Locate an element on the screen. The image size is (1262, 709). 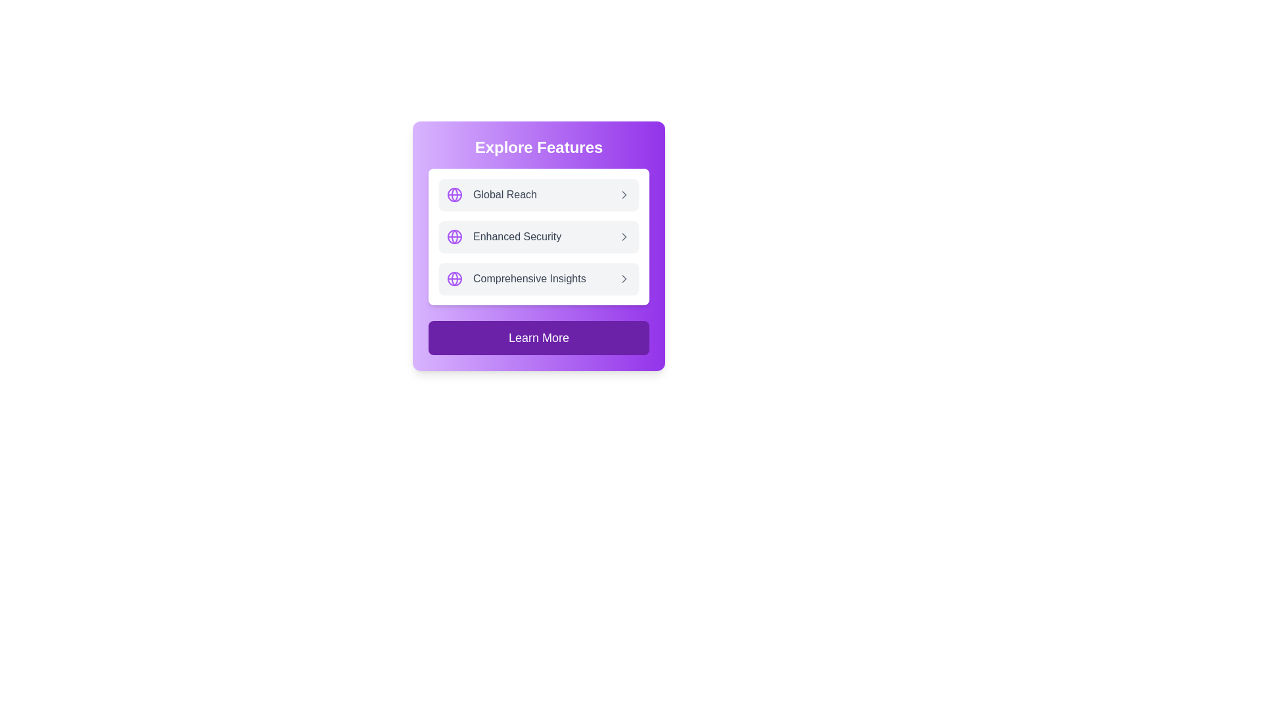
text label that describes the selectable feature item, located within the purple card labeled 'Explore Features' and positioned to the right of the globe icon and arrow symbol is located at coordinates (529, 278).